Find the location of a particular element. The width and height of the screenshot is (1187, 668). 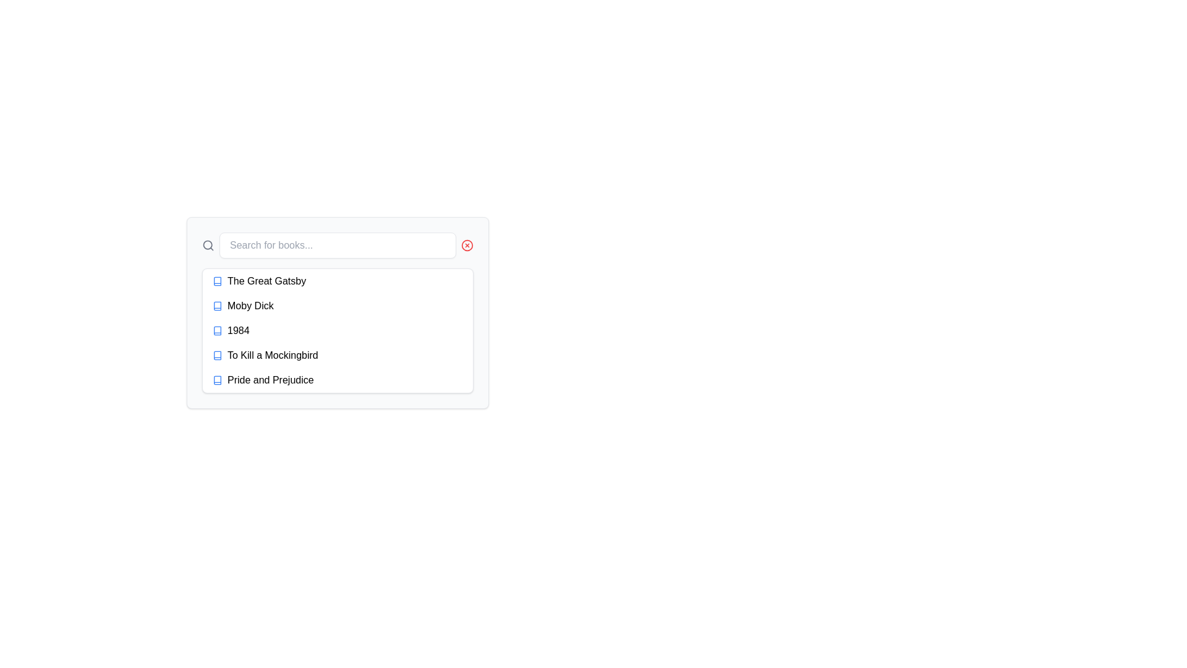

inside the centrally located search input field to focus it, which is used for filtering or searching within a list of books or similar items is located at coordinates (338, 246).